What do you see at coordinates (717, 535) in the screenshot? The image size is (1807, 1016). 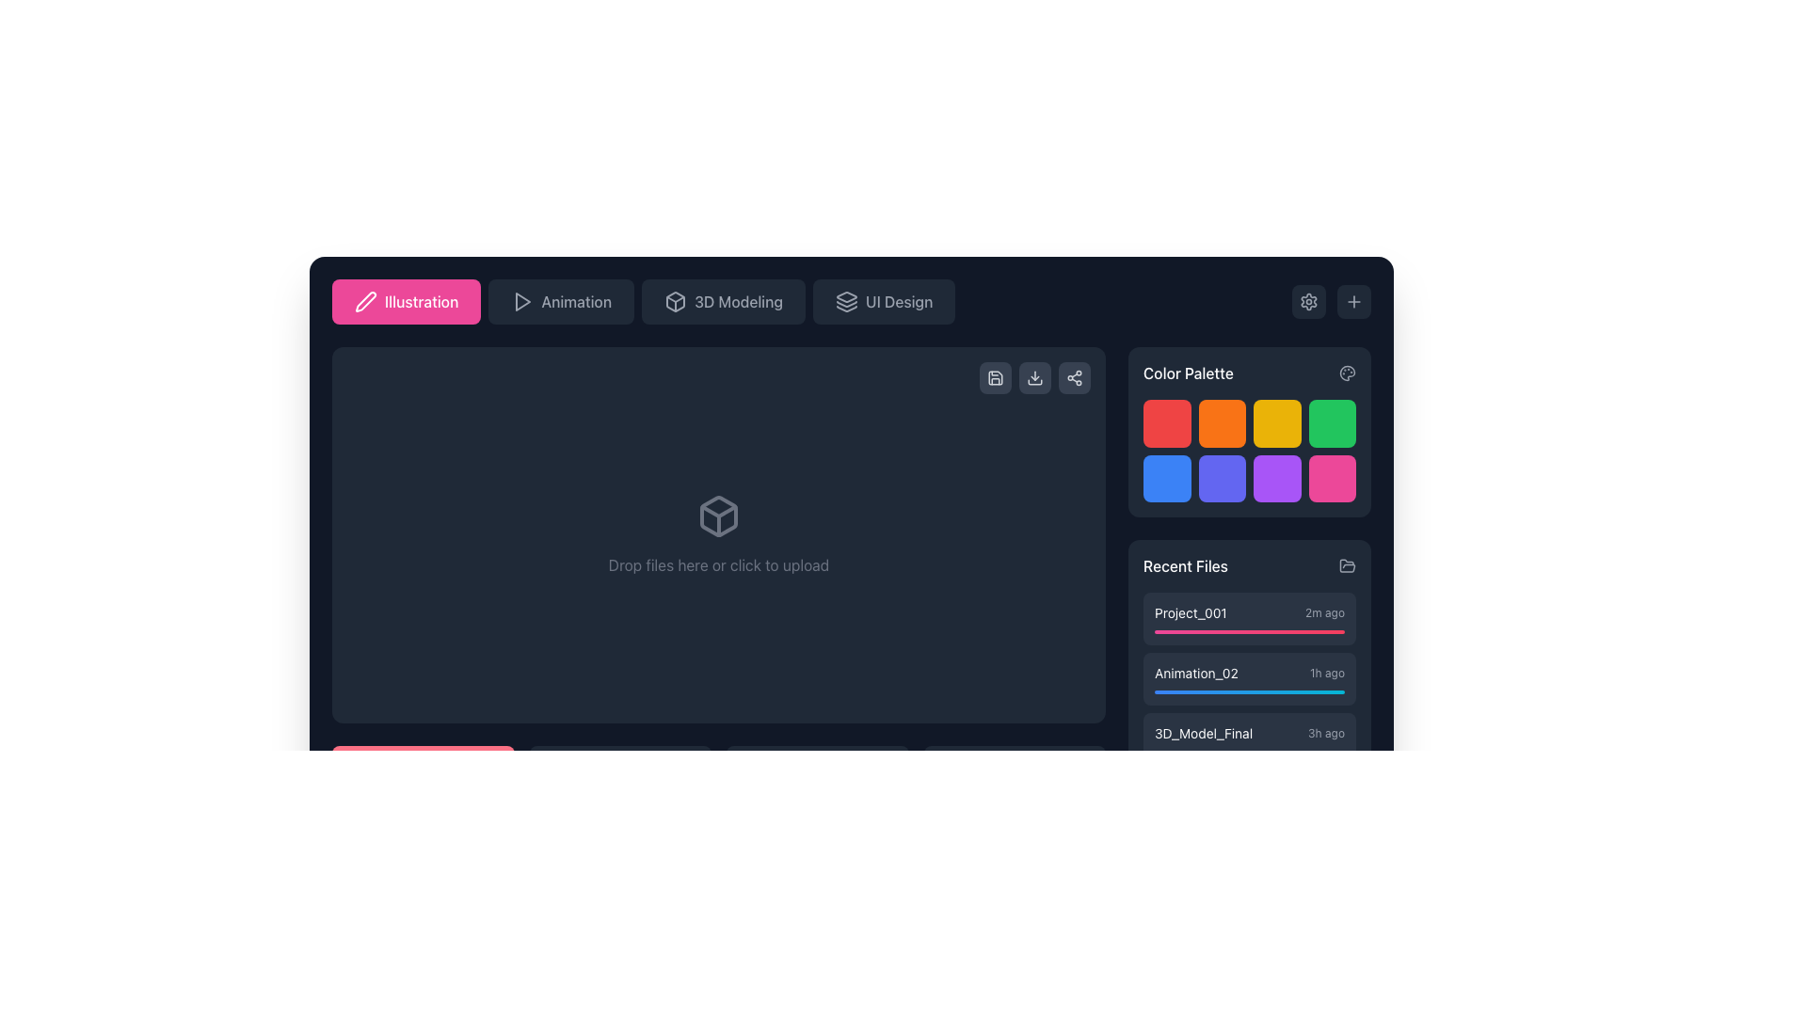 I see `and drop files into the centrally positioned file upload zone, which is surrounded by other controls and elements` at bounding box center [717, 535].